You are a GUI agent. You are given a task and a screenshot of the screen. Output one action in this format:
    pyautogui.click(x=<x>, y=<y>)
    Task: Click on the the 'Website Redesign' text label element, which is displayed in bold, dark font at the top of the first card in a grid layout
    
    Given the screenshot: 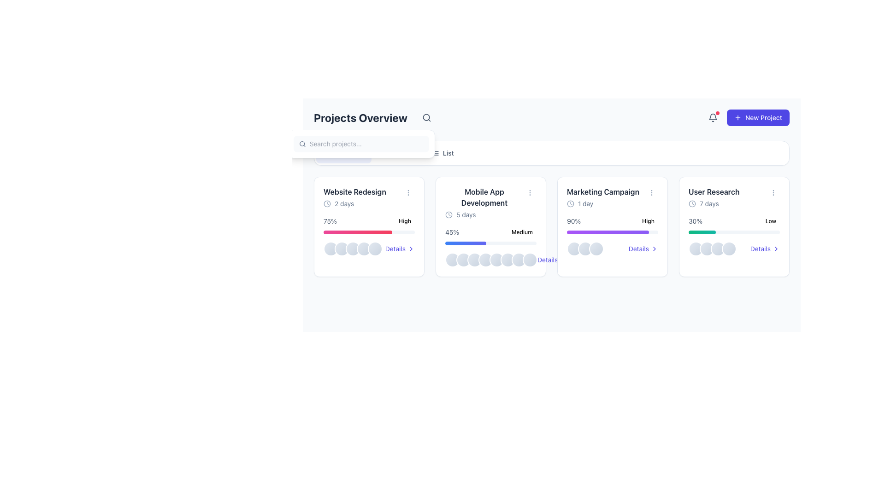 What is the action you would take?
    pyautogui.click(x=354, y=191)
    